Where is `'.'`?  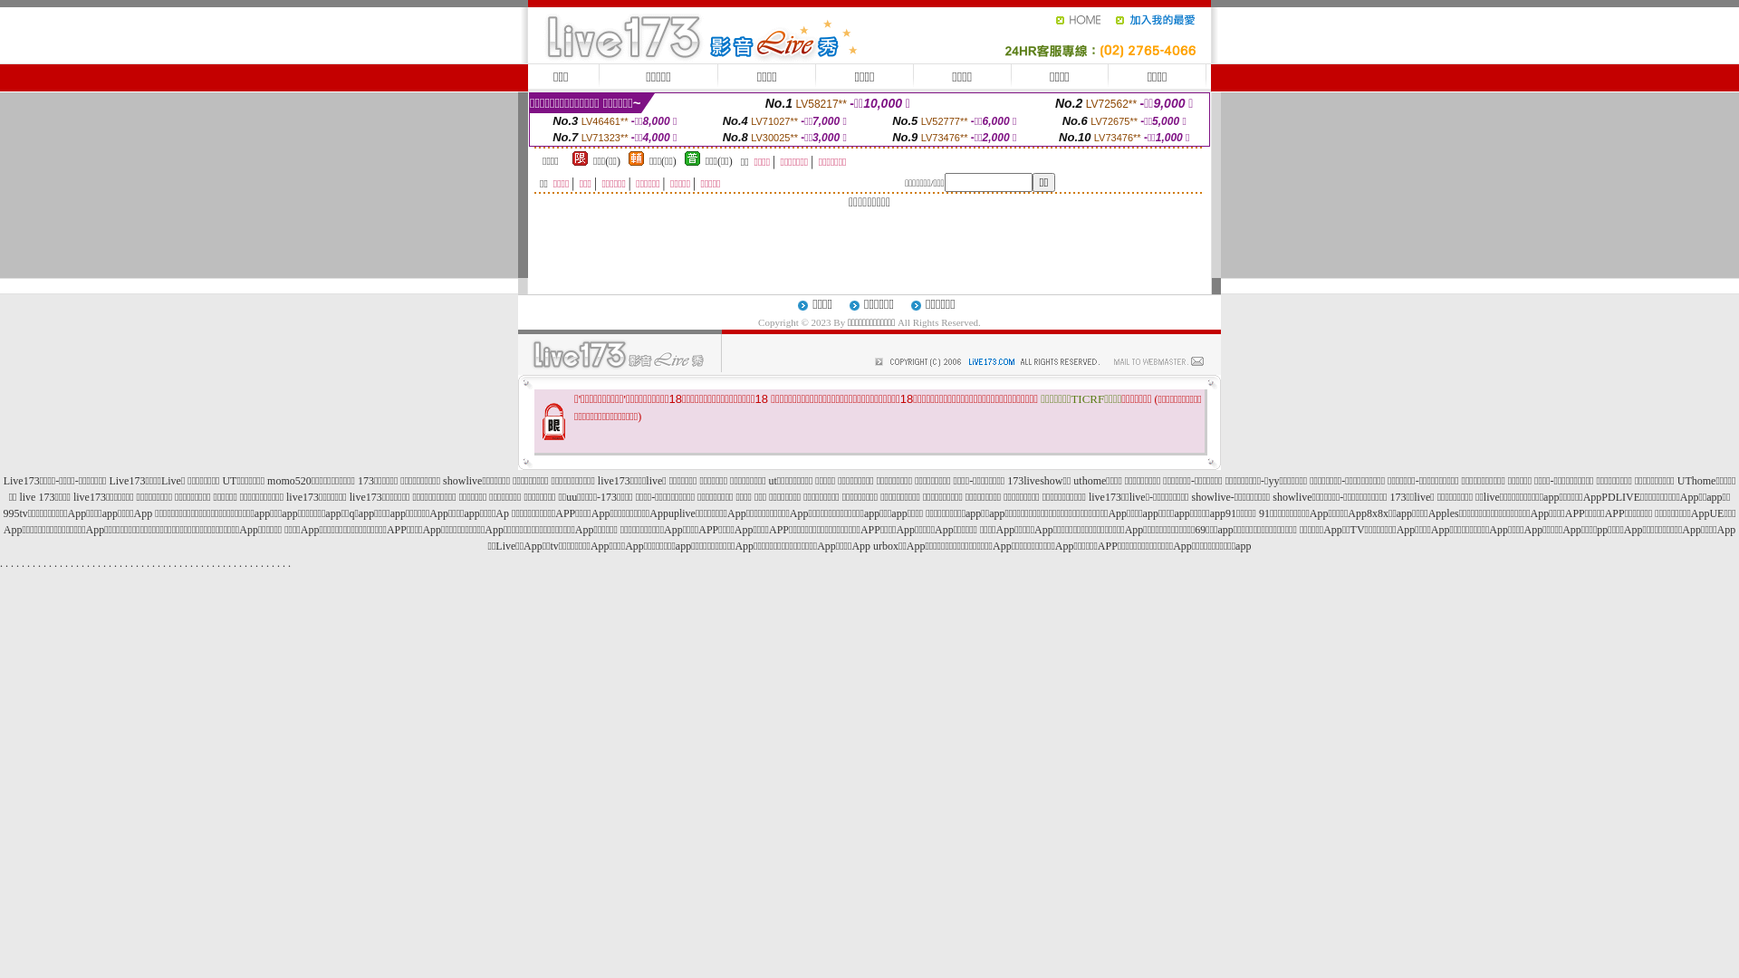
'.' is located at coordinates (152, 561).